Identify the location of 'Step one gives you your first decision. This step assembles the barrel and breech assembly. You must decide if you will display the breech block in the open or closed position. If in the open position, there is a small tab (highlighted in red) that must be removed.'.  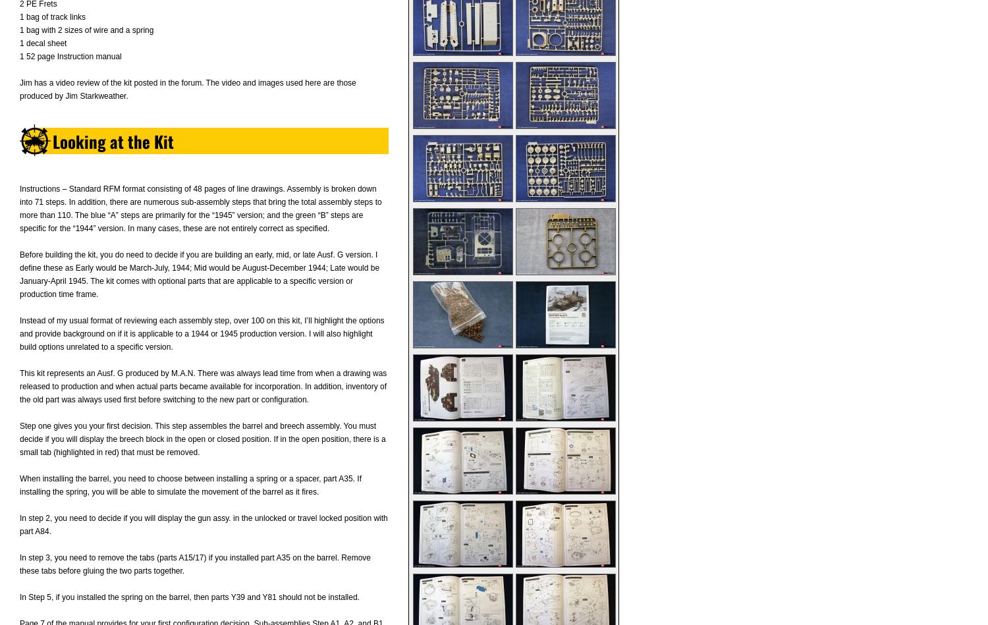
(202, 439).